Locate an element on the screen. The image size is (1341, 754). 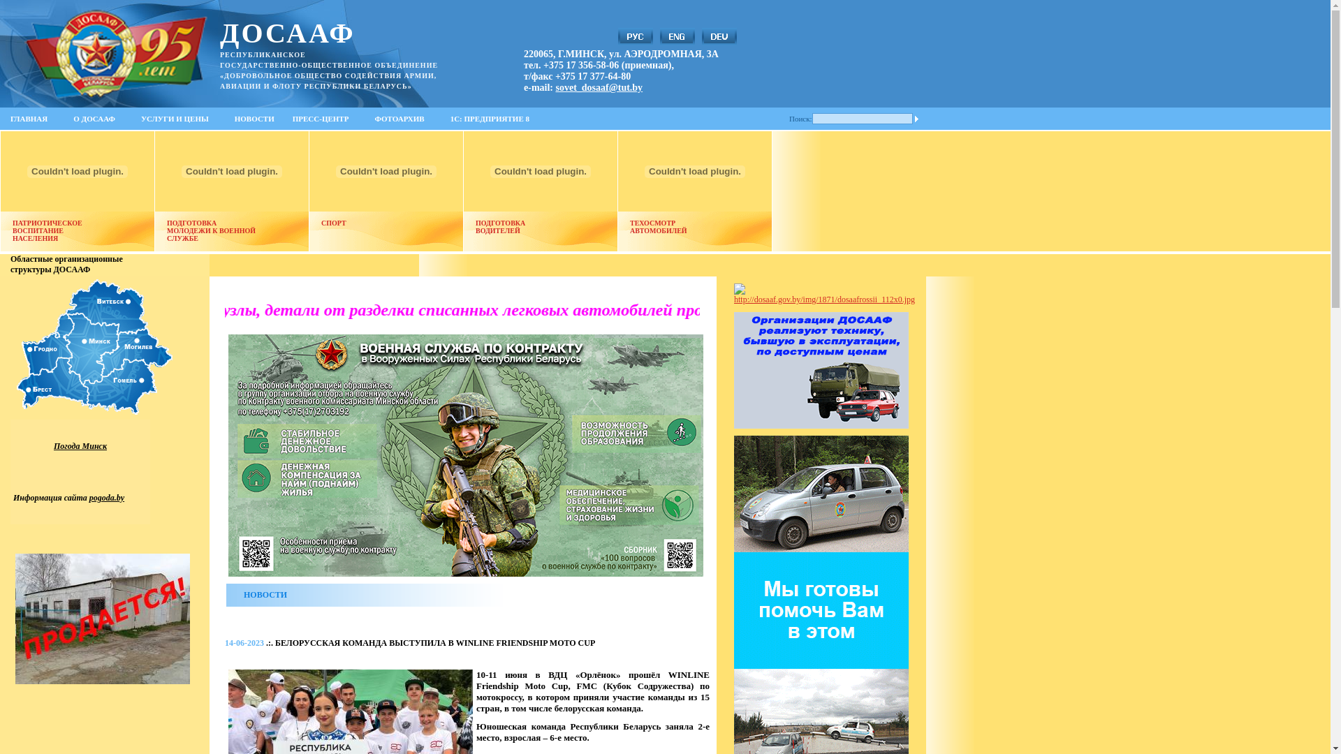
'sovet_dosaaf@tut.by' is located at coordinates (599, 87).